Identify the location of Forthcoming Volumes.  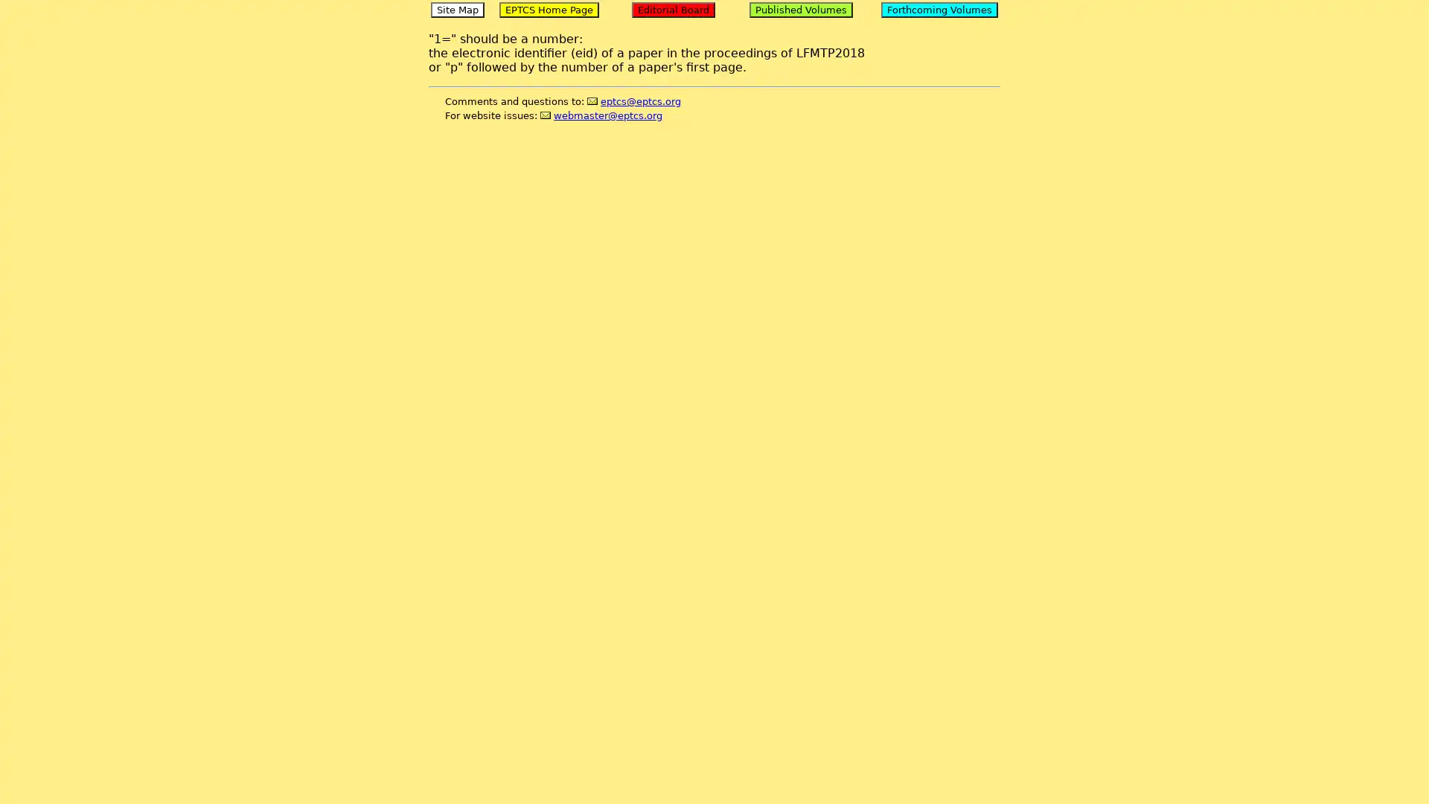
(939, 10).